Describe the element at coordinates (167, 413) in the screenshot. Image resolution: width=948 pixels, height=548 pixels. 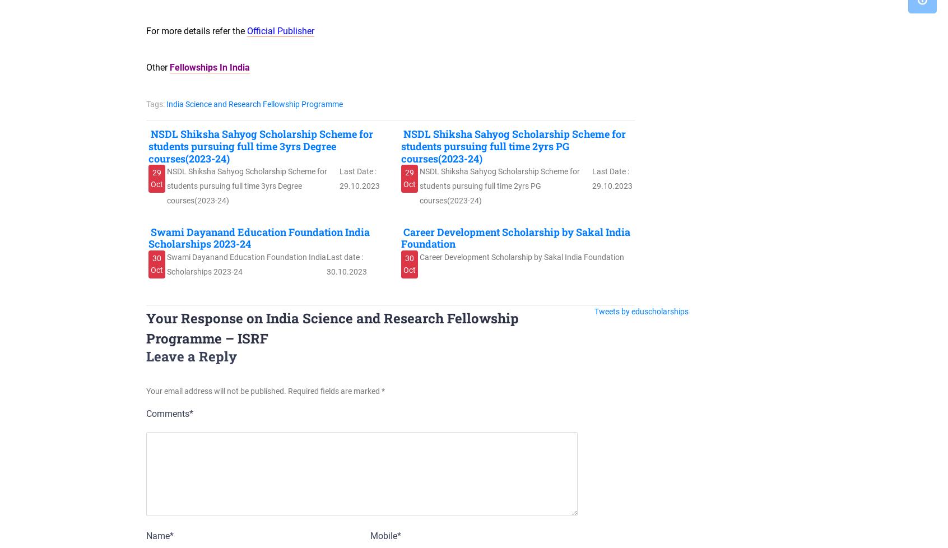
I see `'Comments'` at that location.